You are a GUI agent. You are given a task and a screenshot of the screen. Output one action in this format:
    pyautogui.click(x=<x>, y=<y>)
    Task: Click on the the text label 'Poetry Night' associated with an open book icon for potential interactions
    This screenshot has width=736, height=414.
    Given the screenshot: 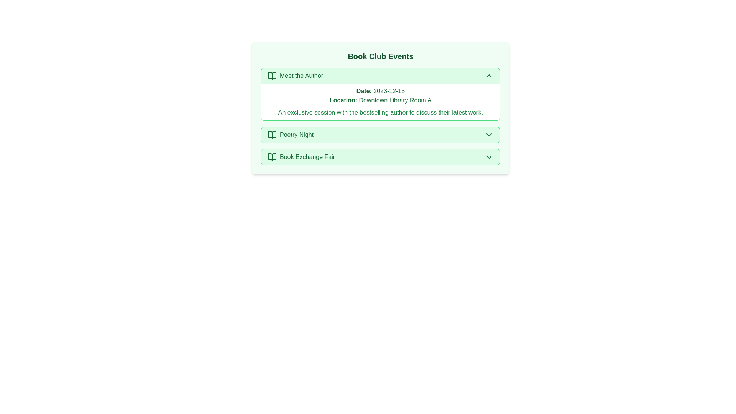 What is the action you would take?
    pyautogui.click(x=296, y=134)
    